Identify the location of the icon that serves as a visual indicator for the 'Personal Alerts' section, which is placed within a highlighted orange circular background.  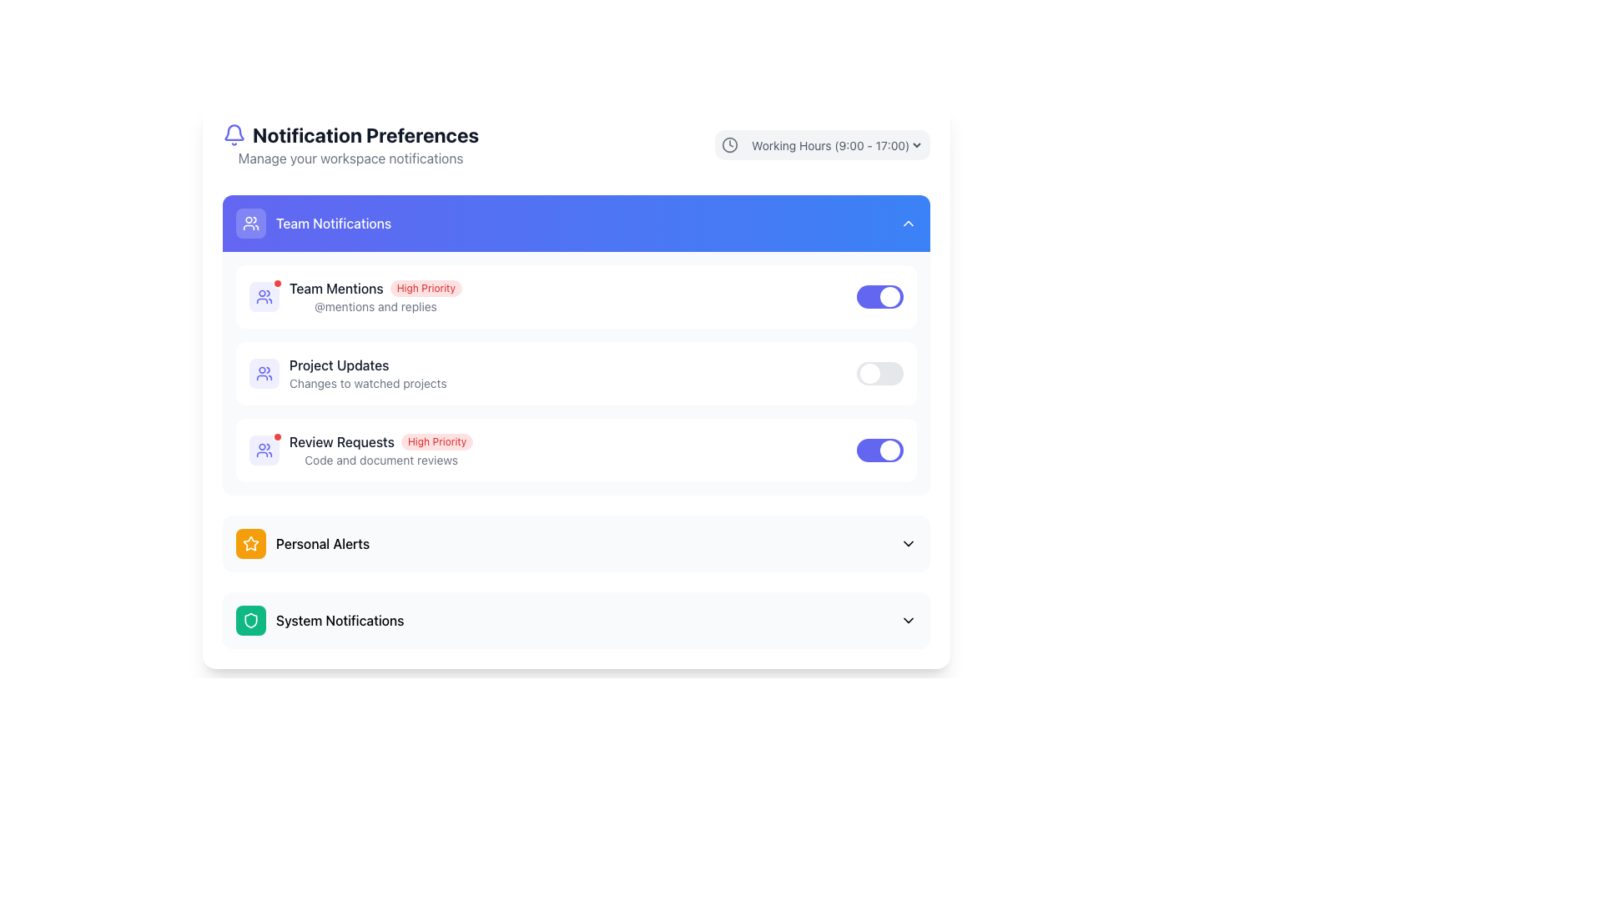
(250, 543).